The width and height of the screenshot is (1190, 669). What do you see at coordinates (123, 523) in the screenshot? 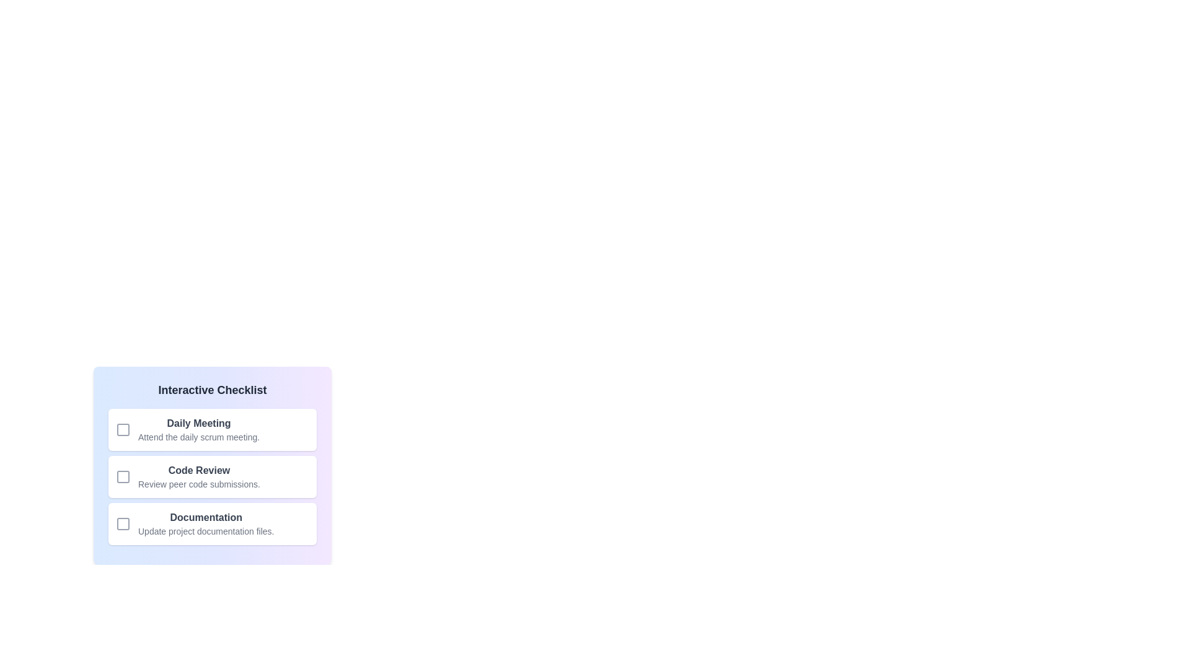
I see `the unselected Checkbox indicator located in the third row labeled 'Documentation'` at bounding box center [123, 523].